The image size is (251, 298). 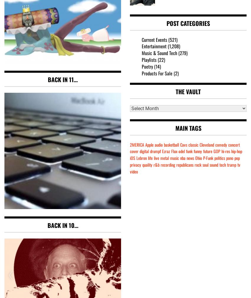 I want to click on 'Cleveland', so click(x=206, y=144).